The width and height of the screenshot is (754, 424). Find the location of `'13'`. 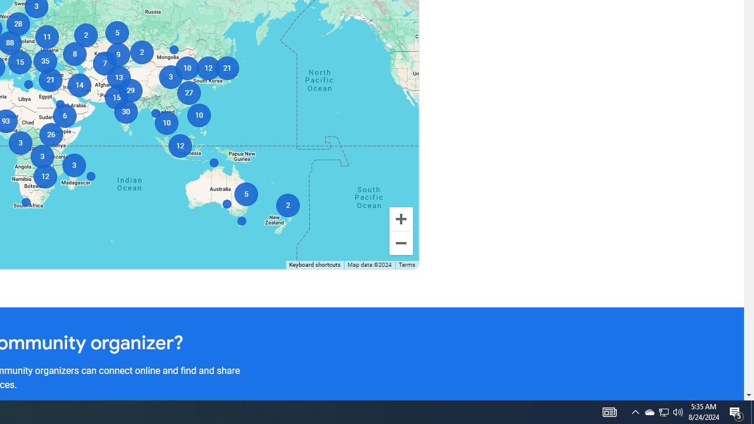

'13' is located at coordinates (118, 78).